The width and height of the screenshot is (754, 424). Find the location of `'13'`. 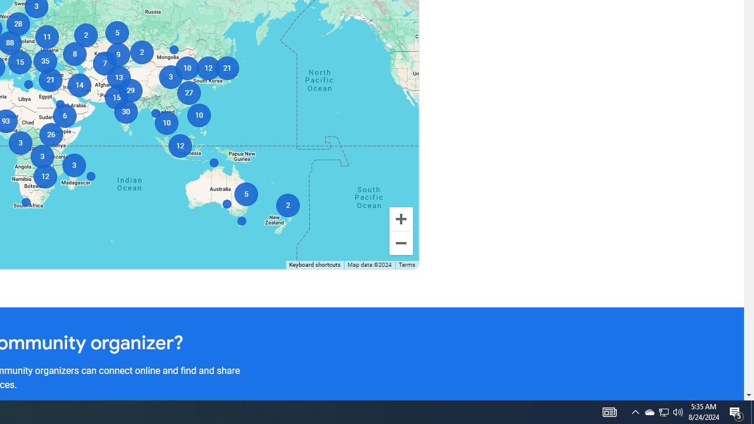

'13' is located at coordinates (118, 78).